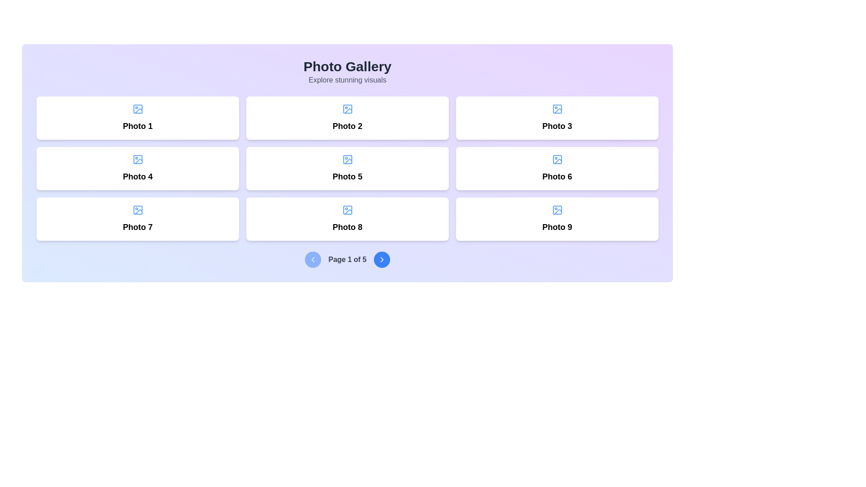  I want to click on the 'Photo 7' card located in the bottom left position of the grid, so click(137, 219).